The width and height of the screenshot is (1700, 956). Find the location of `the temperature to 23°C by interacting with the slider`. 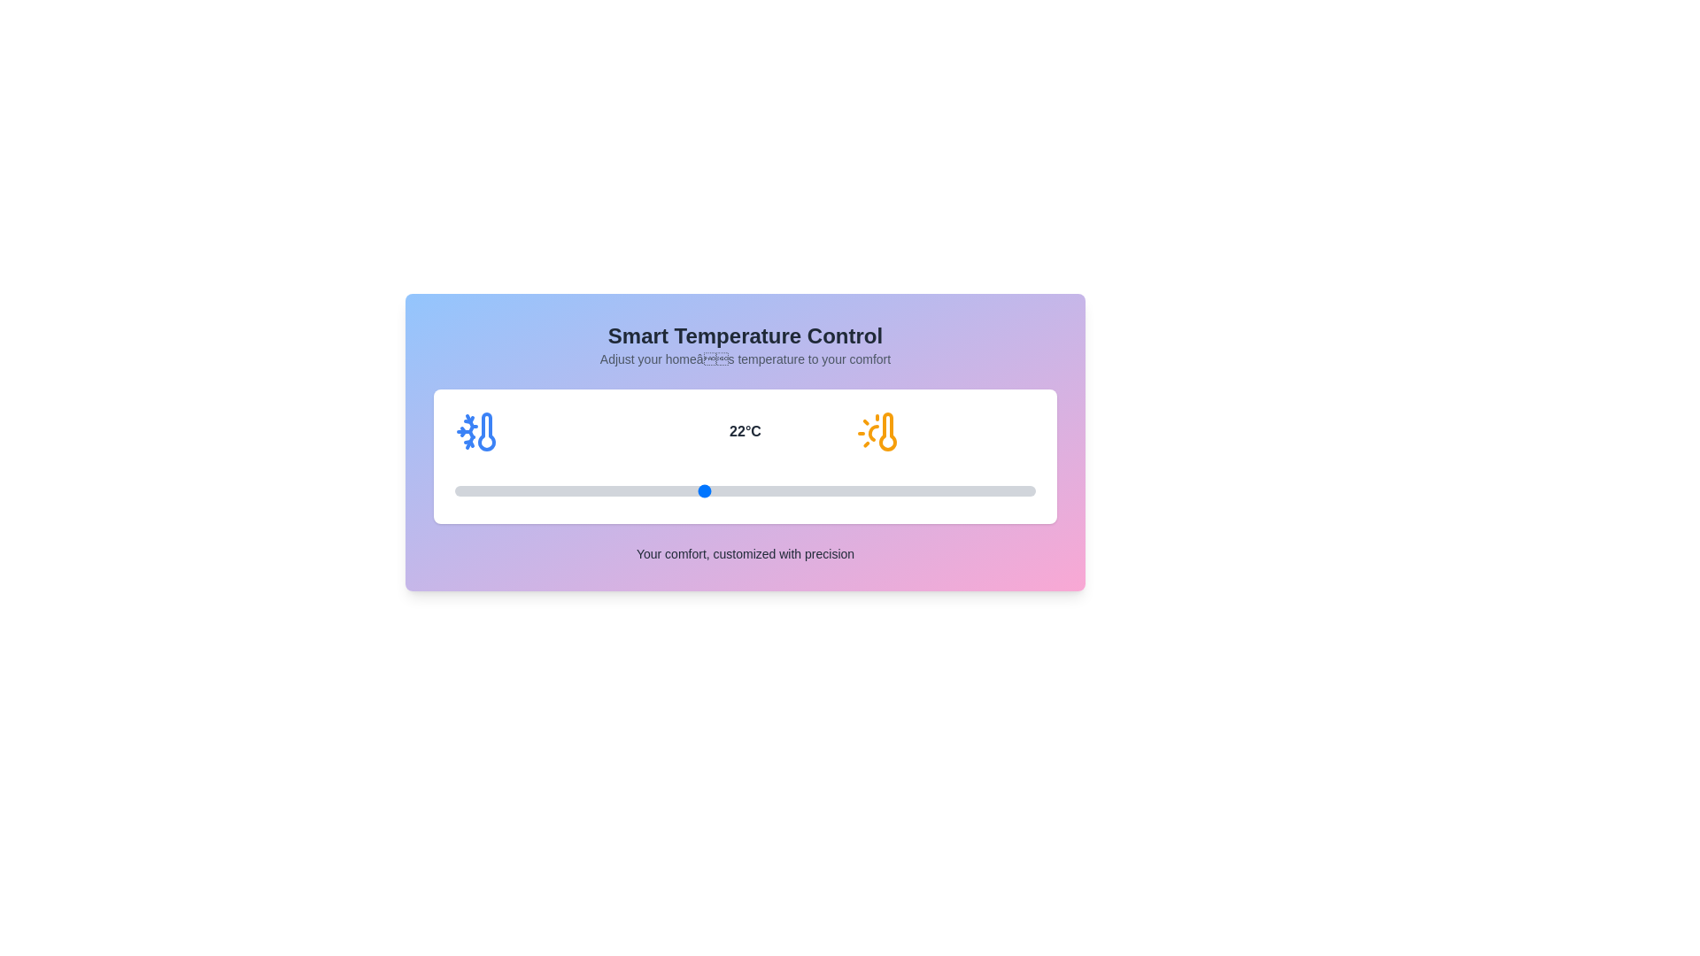

the temperature to 23°C by interacting with the slider is located at coordinates (745, 491).